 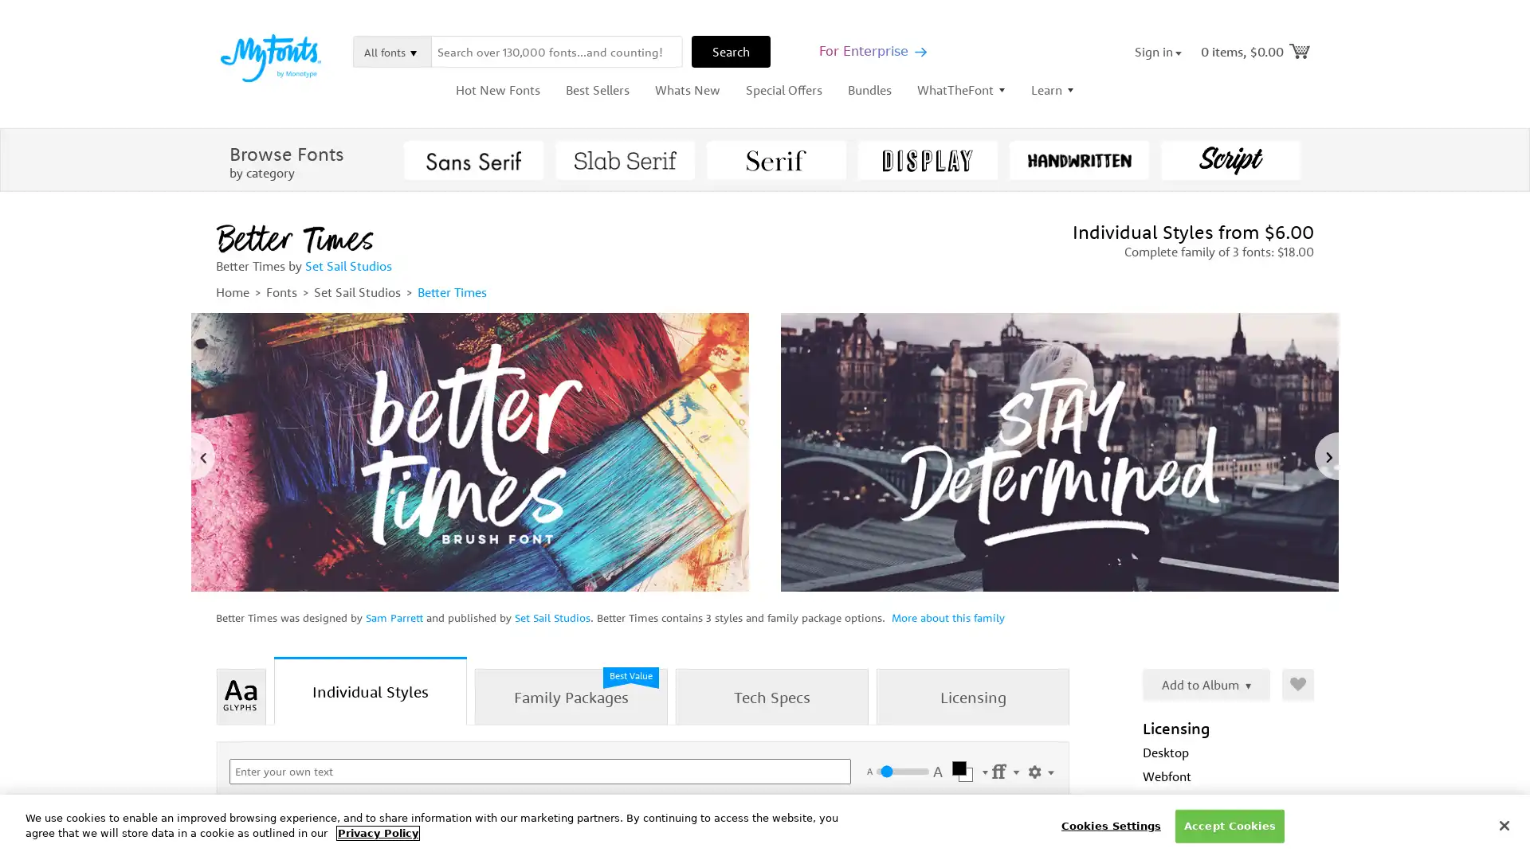 What do you see at coordinates (1052, 89) in the screenshot?
I see `Learn` at bounding box center [1052, 89].